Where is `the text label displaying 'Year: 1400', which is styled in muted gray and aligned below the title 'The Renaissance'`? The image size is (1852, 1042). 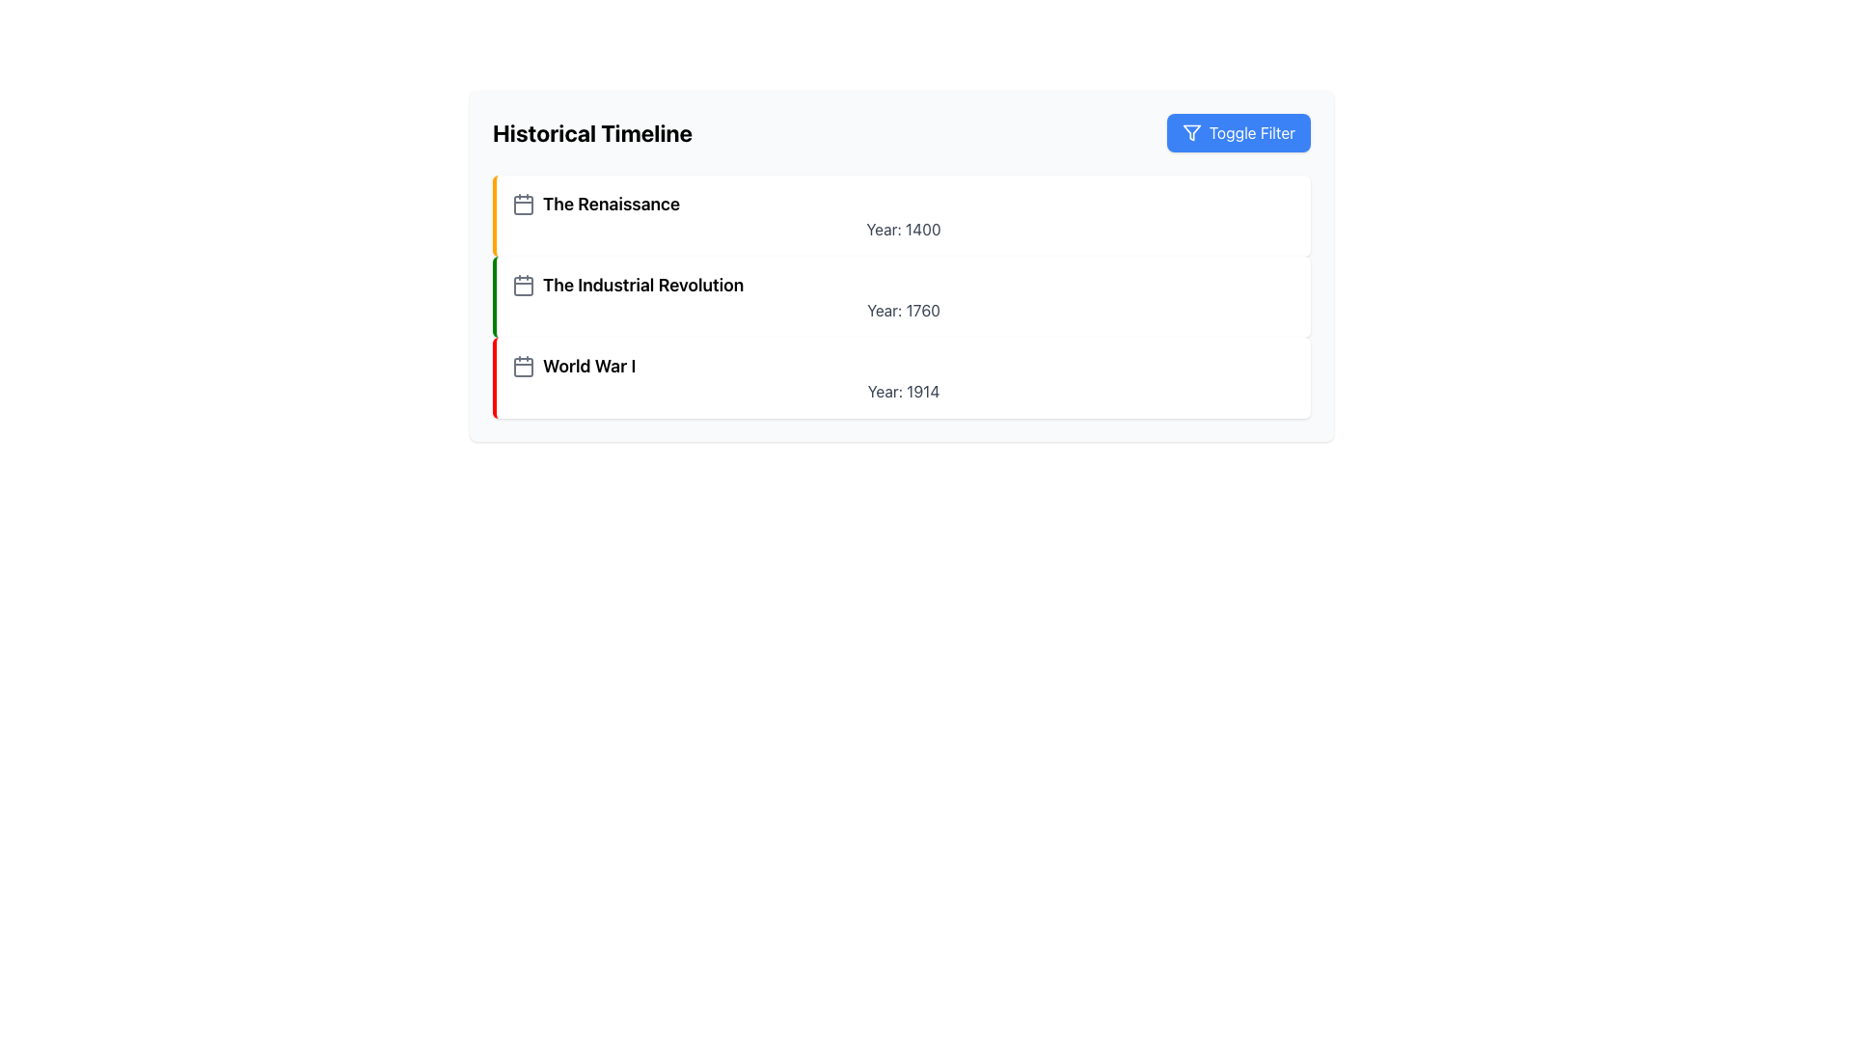
the text label displaying 'Year: 1400', which is styled in muted gray and aligned below the title 'The Renaissance' is located at coordinates (902, 229).